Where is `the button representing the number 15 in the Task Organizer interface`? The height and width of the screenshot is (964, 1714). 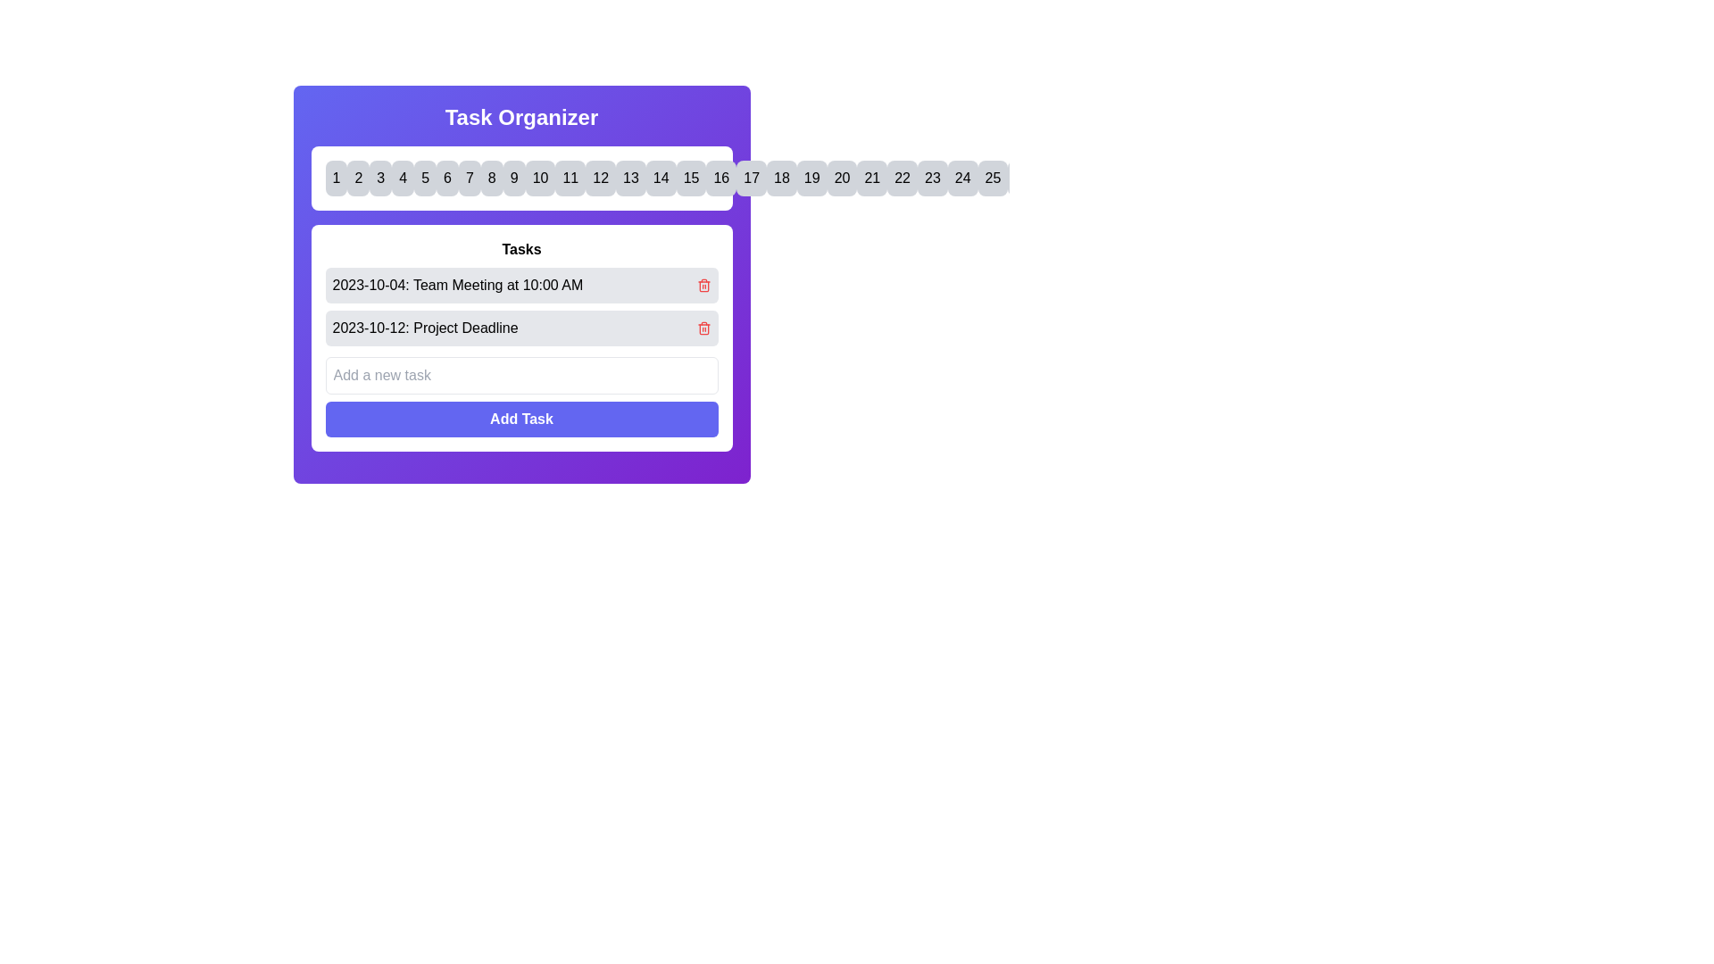 the button representing the number 15 in the Task Organizer interface is located at coordinates (690, 179).